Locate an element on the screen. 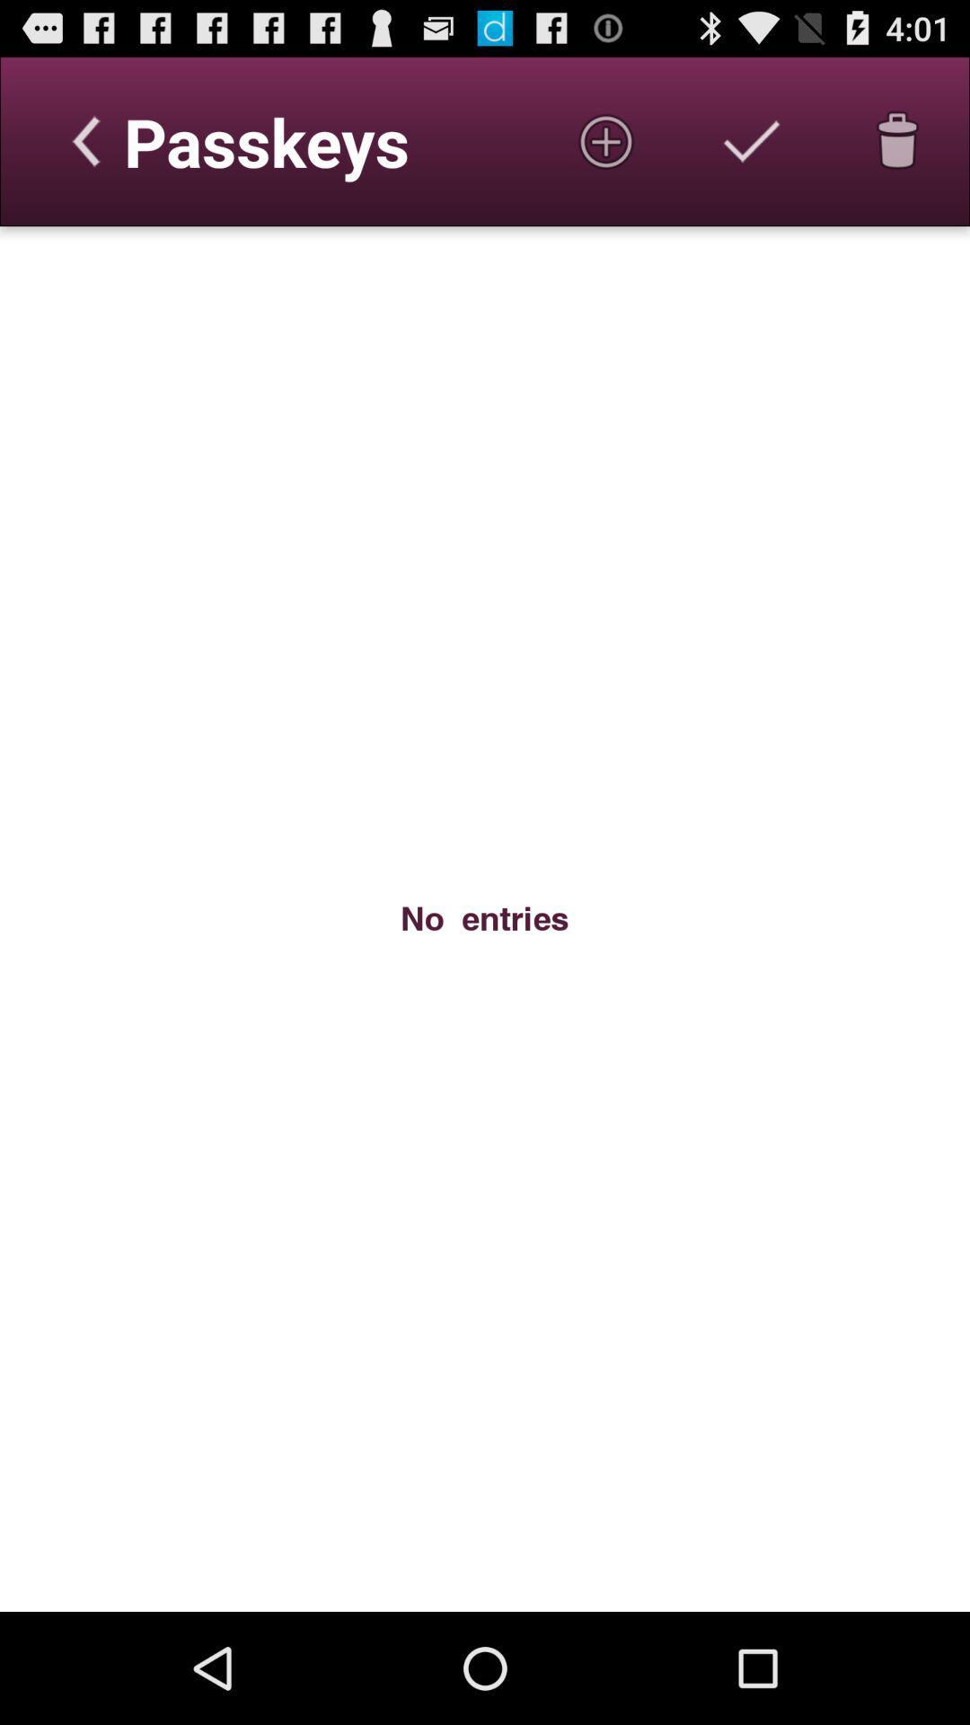  item is located at coordinates (606, 140).